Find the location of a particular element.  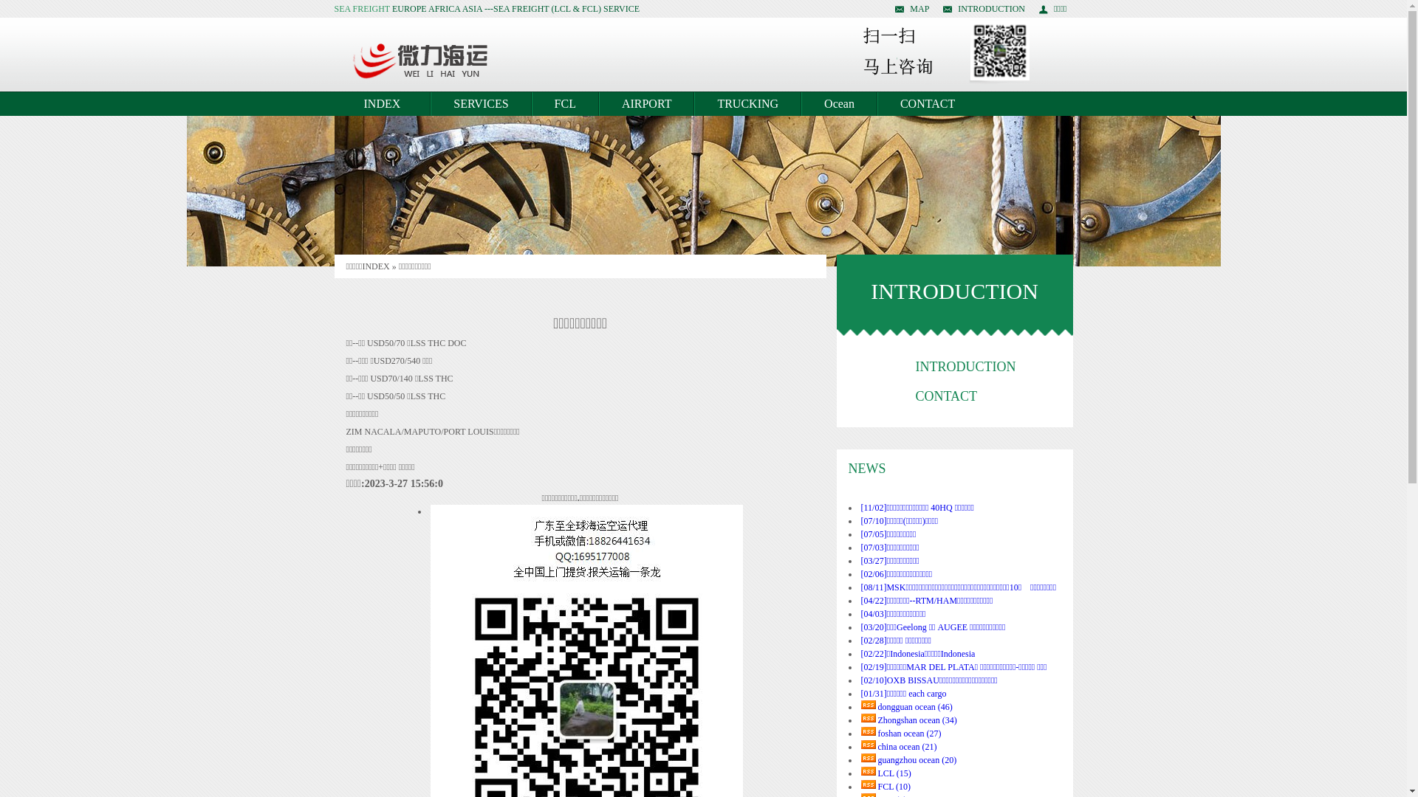

'CONTACT' is located at coordinates (946, 395).